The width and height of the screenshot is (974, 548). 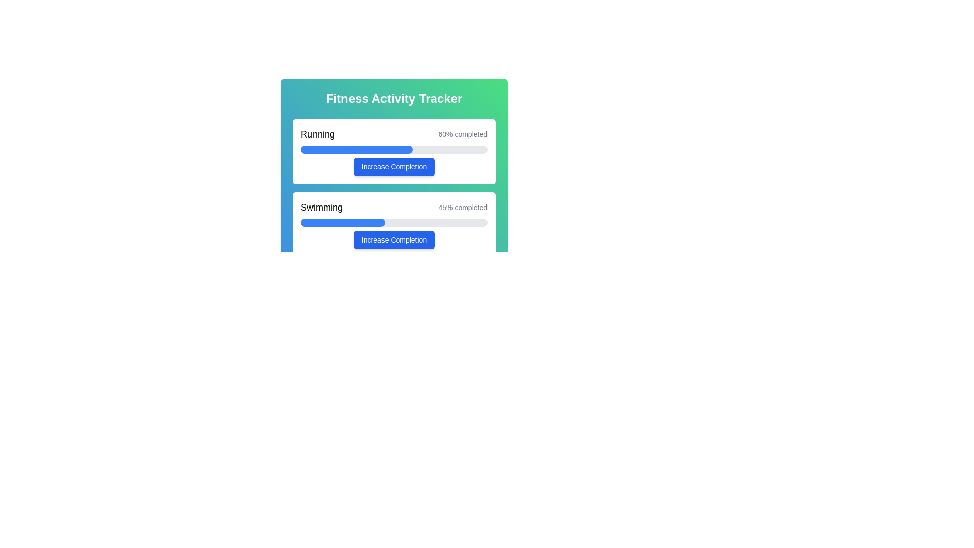 What do you see at coordinates (394, 240) in the screenshot?
I see `the interactive button located below the progress bar labeled '45% completed' in the 'Swimming' section` at bounding box center [394, 240].